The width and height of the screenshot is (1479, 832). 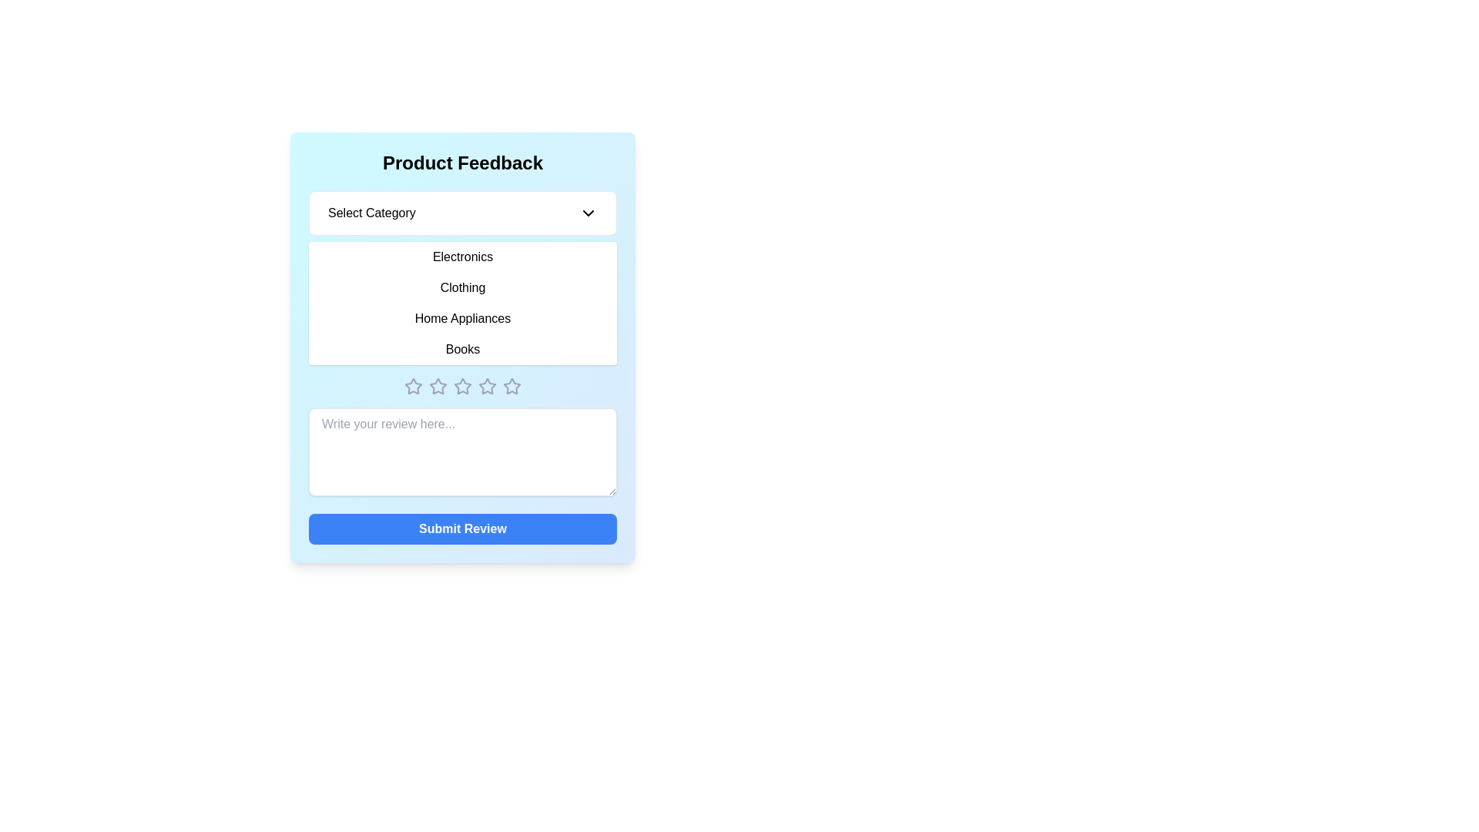 What do you see at coordinates (487, 385) in the screenshot?
I see `the third star in the series of five stars` at bounding box center [487, 385].